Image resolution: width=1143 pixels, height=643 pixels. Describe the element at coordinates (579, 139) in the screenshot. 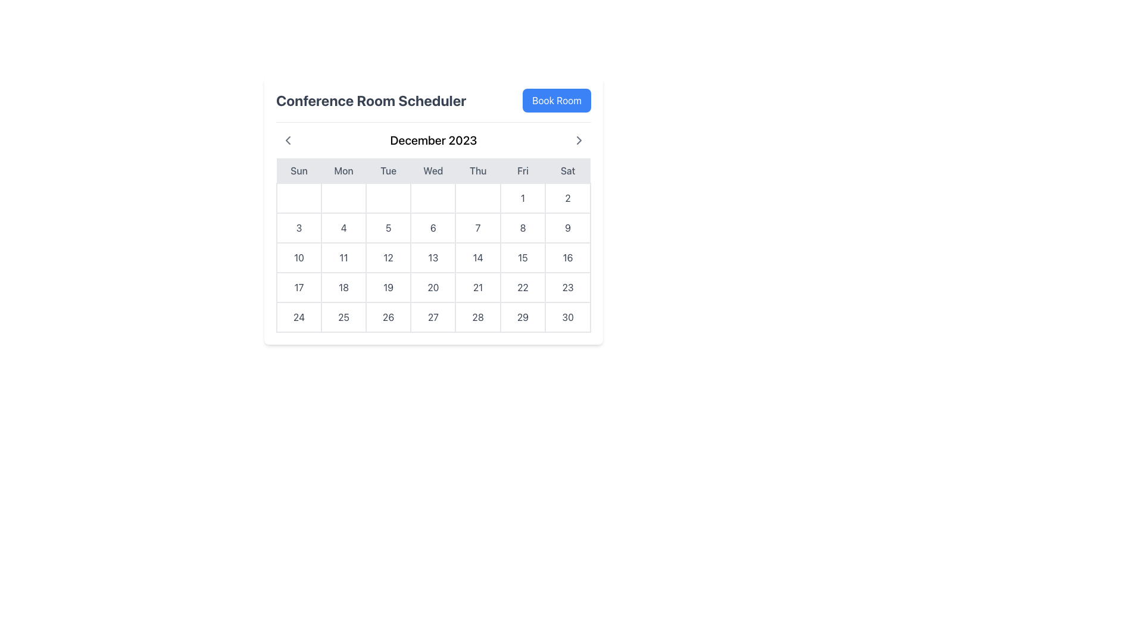

I see `the right-facing gray chevron icon in the top-right corner of the calendar header` at that location.